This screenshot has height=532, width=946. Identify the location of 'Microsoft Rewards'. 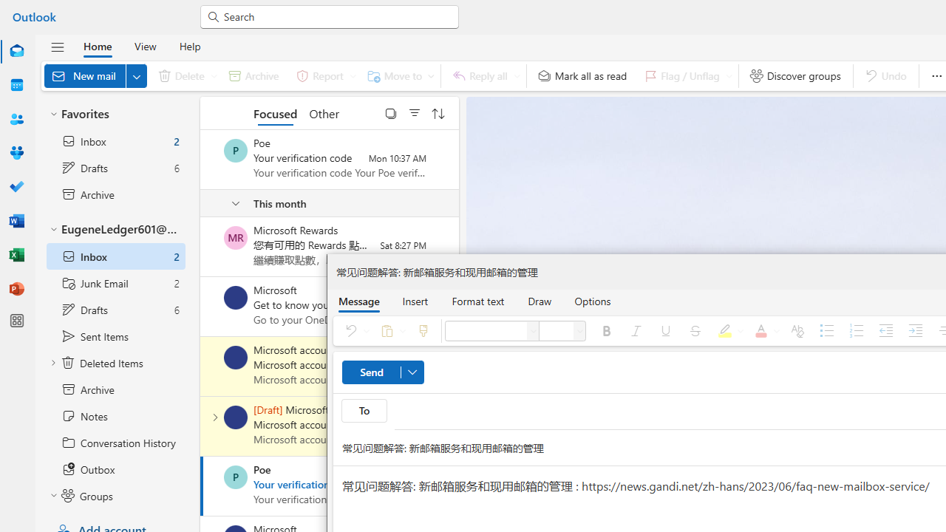
(235, 236).